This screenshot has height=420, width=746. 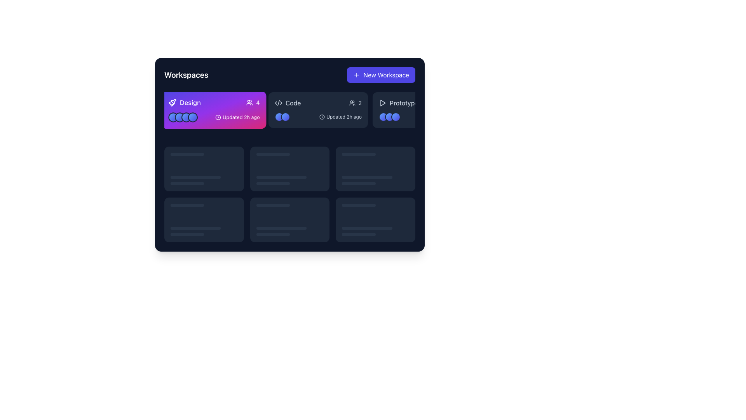 I want to click on the user-related functionality icon located in the second card labeled 'Code' in the top row of the workspace grid, so click(x=352, y=103).